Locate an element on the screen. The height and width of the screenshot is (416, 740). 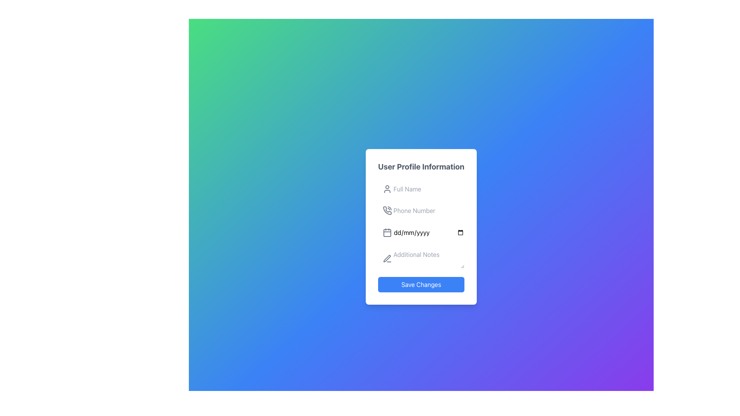
the decorative shape within the SVG calendar icon, which is located to the left of the 'dd/mm/yyyy' input field is located at coordinates (387, 233).